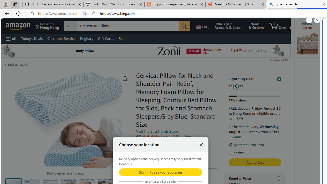 Image resolution: width=327 pixels, height=184 pixels. What do you see at coordinates (255, 84) in the screenshot?
I see `'Lightning Deal $19.99'` at bounding box center [255, 84].